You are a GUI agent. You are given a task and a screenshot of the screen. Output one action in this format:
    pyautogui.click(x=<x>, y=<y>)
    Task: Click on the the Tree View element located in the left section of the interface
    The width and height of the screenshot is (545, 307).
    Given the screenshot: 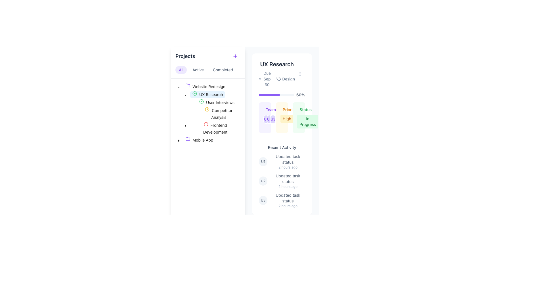 What is the action you would take?
    pyautogui.click(x=207, y=114)
    